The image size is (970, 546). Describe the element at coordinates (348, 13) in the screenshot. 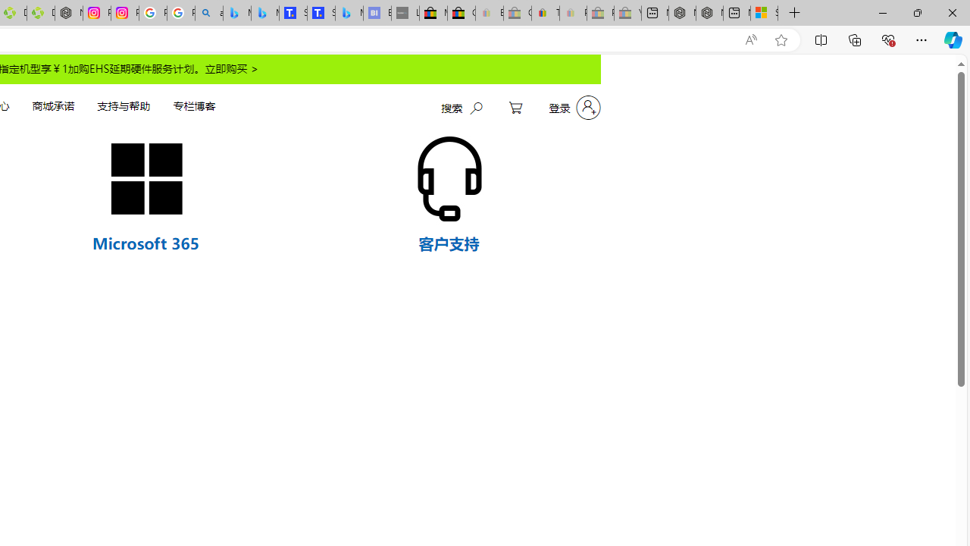

I see `'Microsoft Bing Travel - Shangri-La Hotel Bangkok'` at that location.